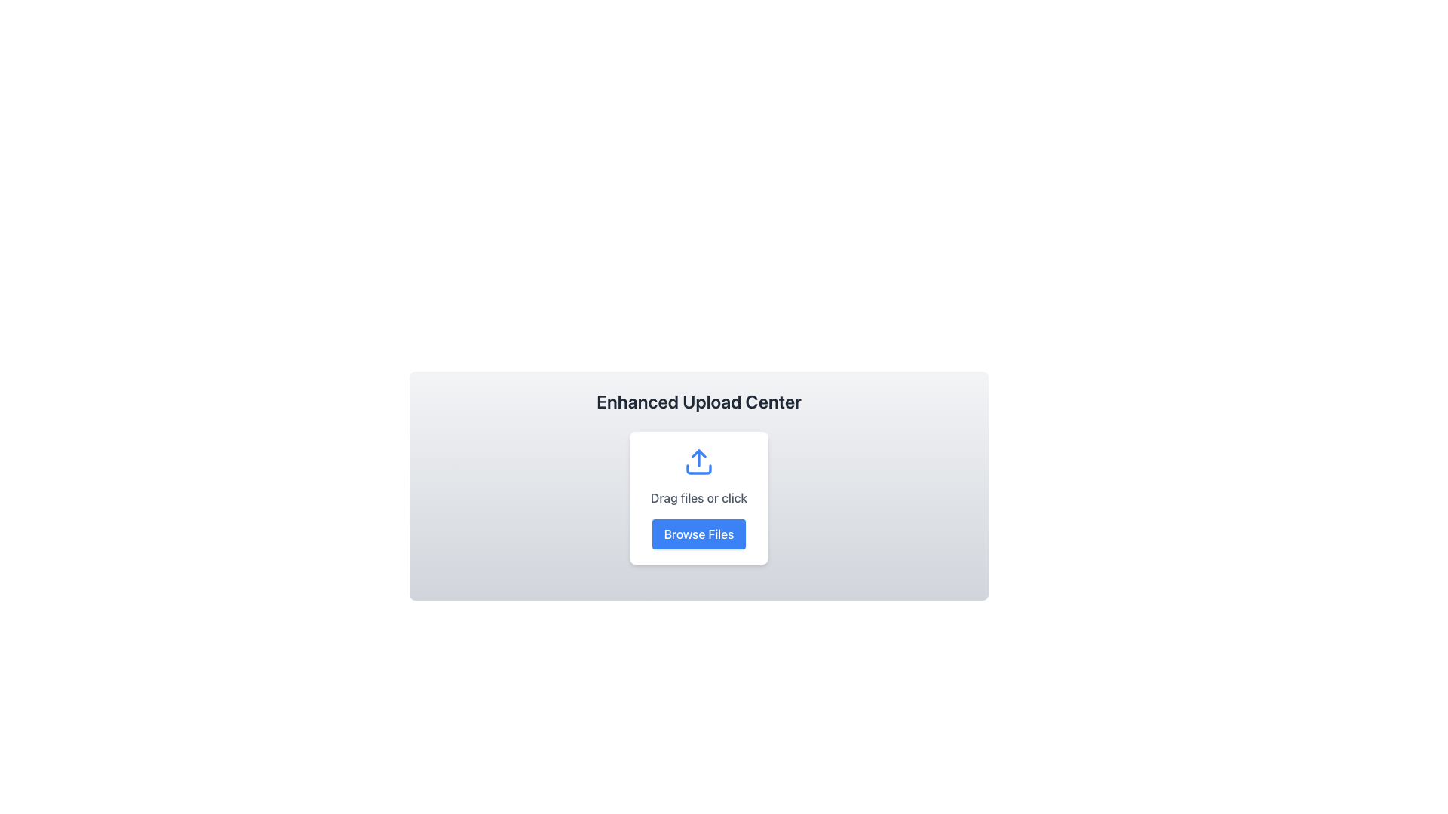  Describe the element at coordinates (698, 461) in the screenshot. I see `the upload icon` at that location.